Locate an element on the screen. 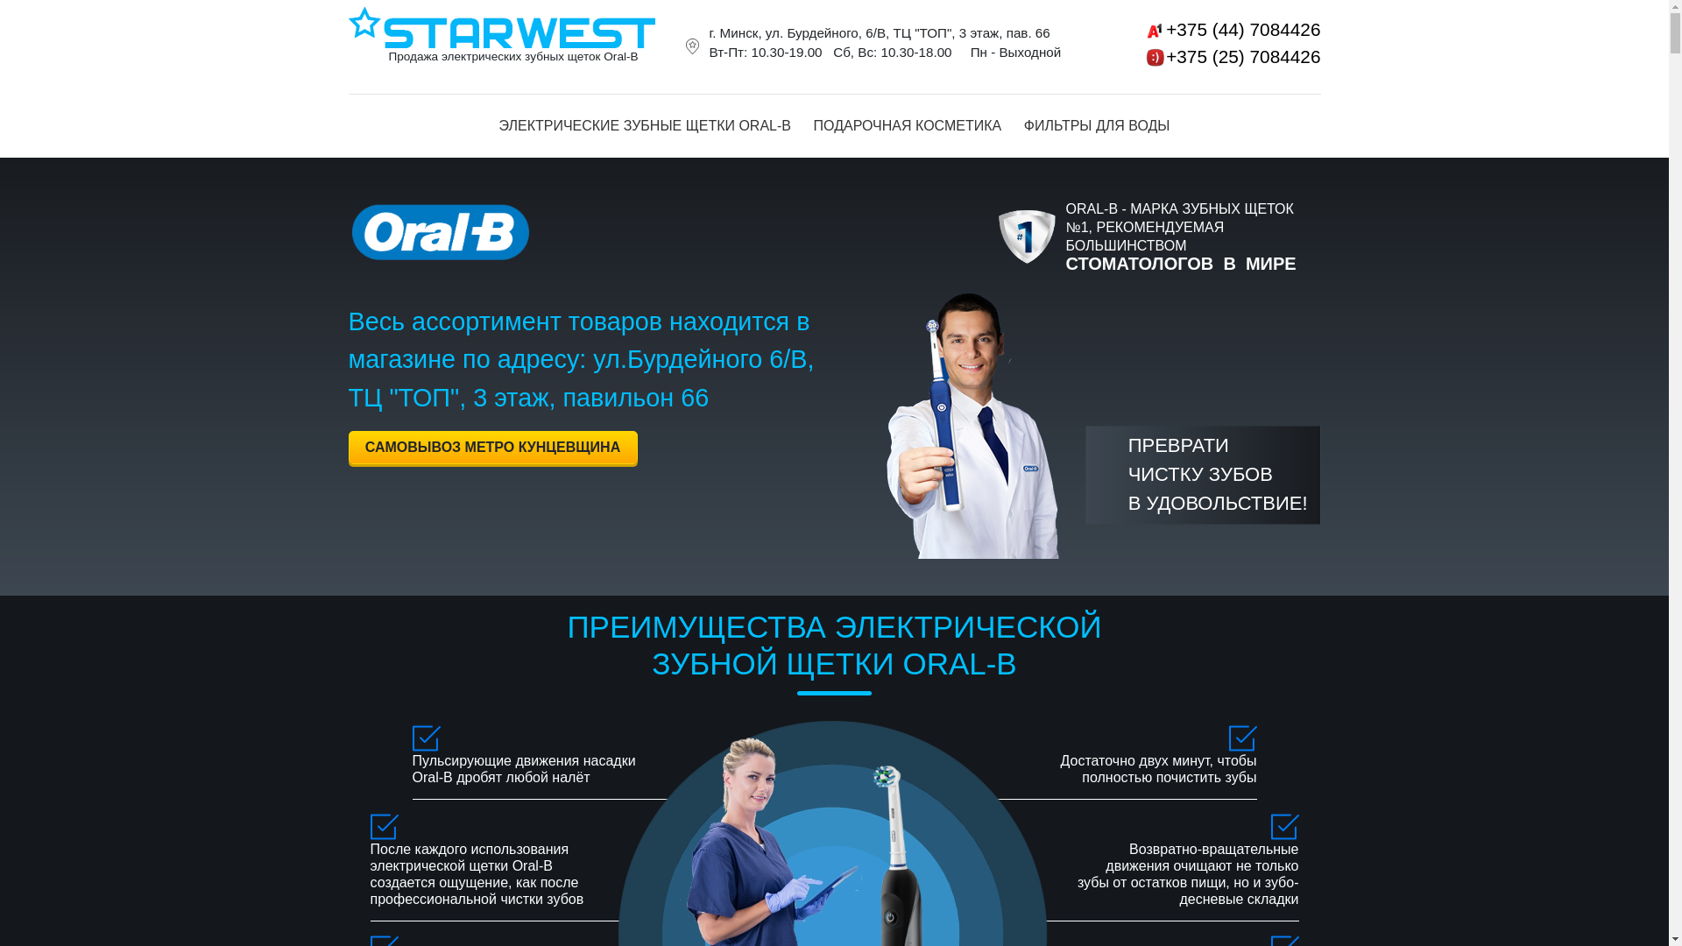  '+375 (25) 7084426' is located at coordinates (1207, 55).